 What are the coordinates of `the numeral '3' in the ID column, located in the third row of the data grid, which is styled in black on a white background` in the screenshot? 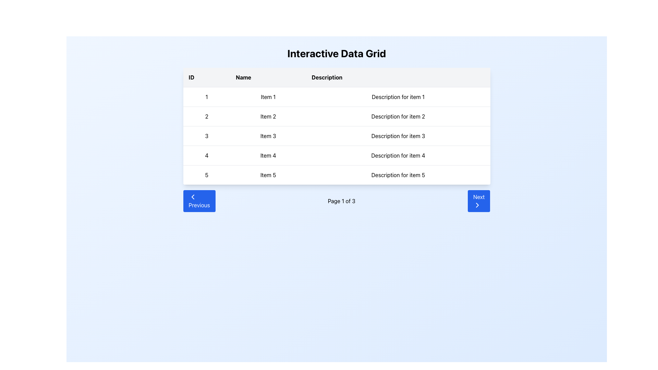 It's located at (206, 136).